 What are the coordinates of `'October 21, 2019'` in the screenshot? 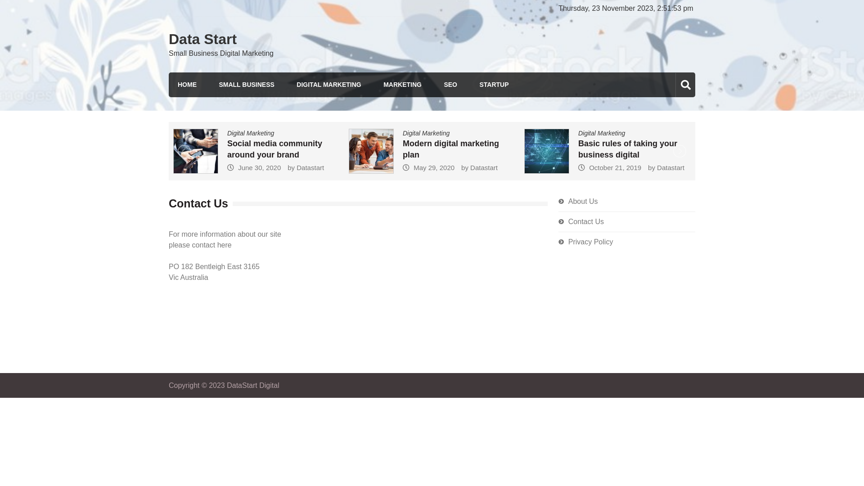 It's located at (628, 167).